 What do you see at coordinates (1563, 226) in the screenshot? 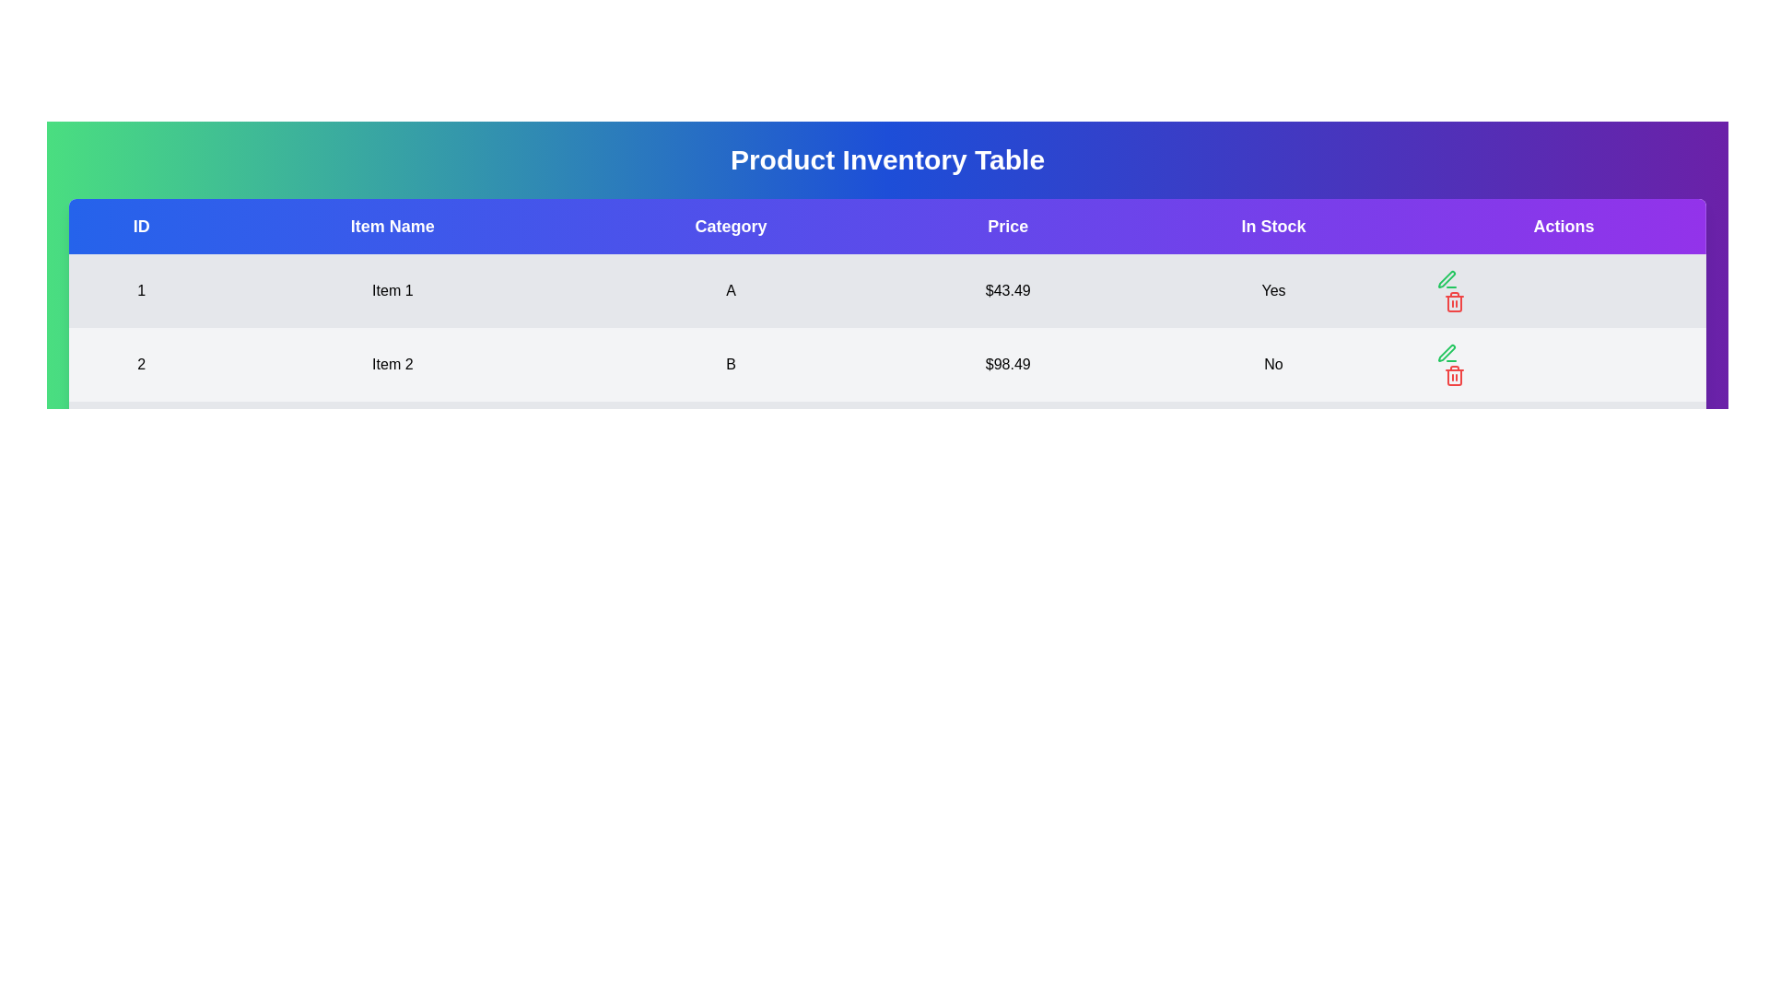
I see `the header labeled Actions to sort or filter the table by that column` at bounding box center [1563, 226].